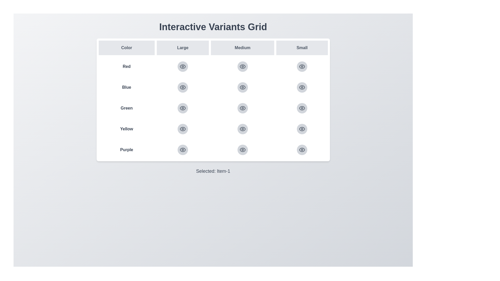 The height and width of the screenshot is (281, 500). I want to click on the eye-like SVG icon within the rounded rectangular button under the 'Large' header in the third row labeled 'Green', so click(183, 108).